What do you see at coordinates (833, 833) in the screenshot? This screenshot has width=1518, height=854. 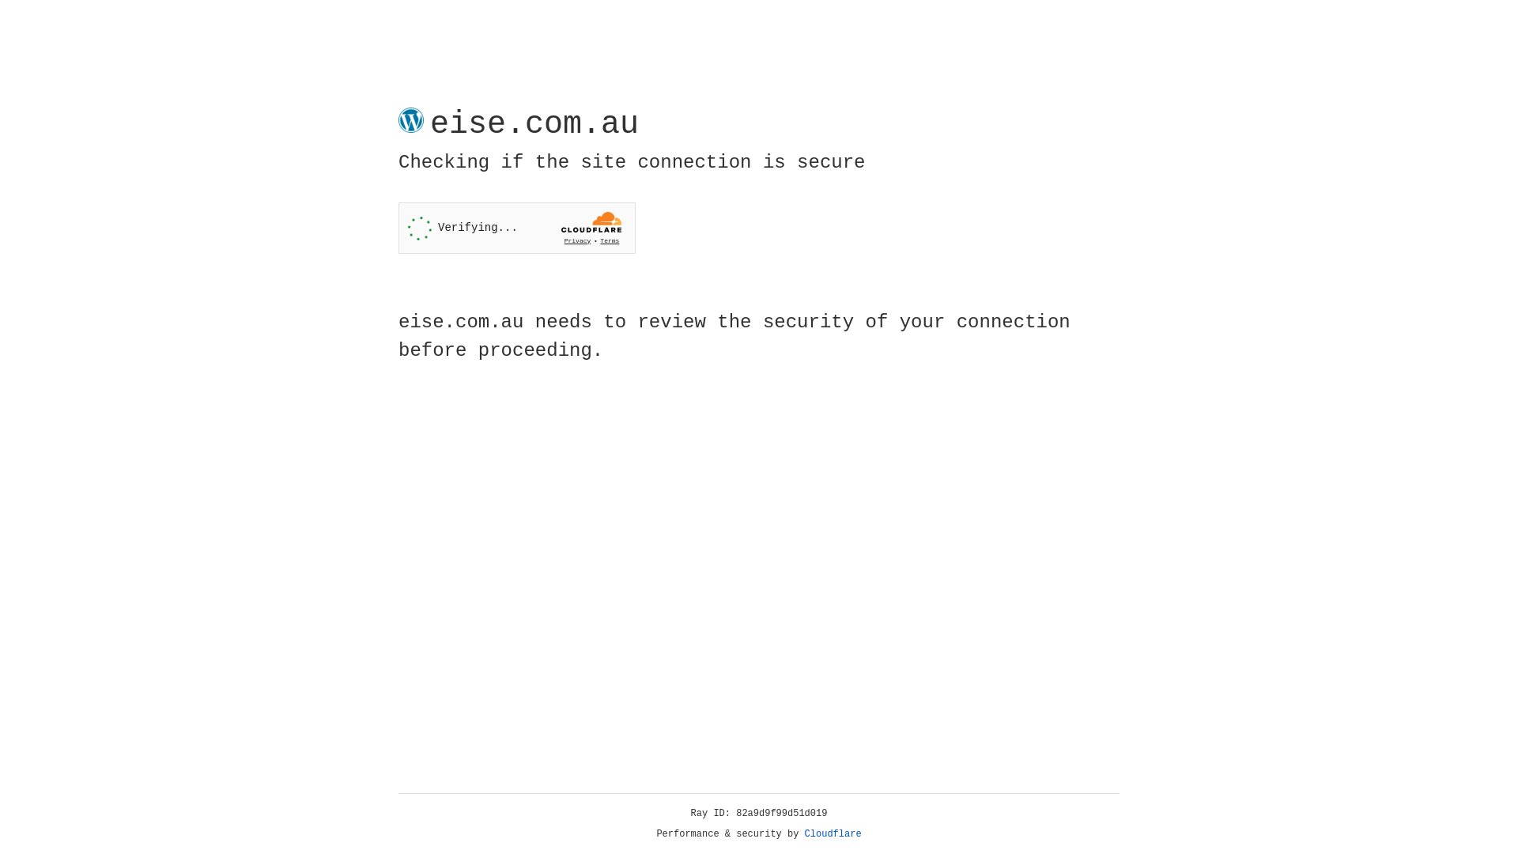 I see `'Cloudflare'` at bounding box center [833, 833].